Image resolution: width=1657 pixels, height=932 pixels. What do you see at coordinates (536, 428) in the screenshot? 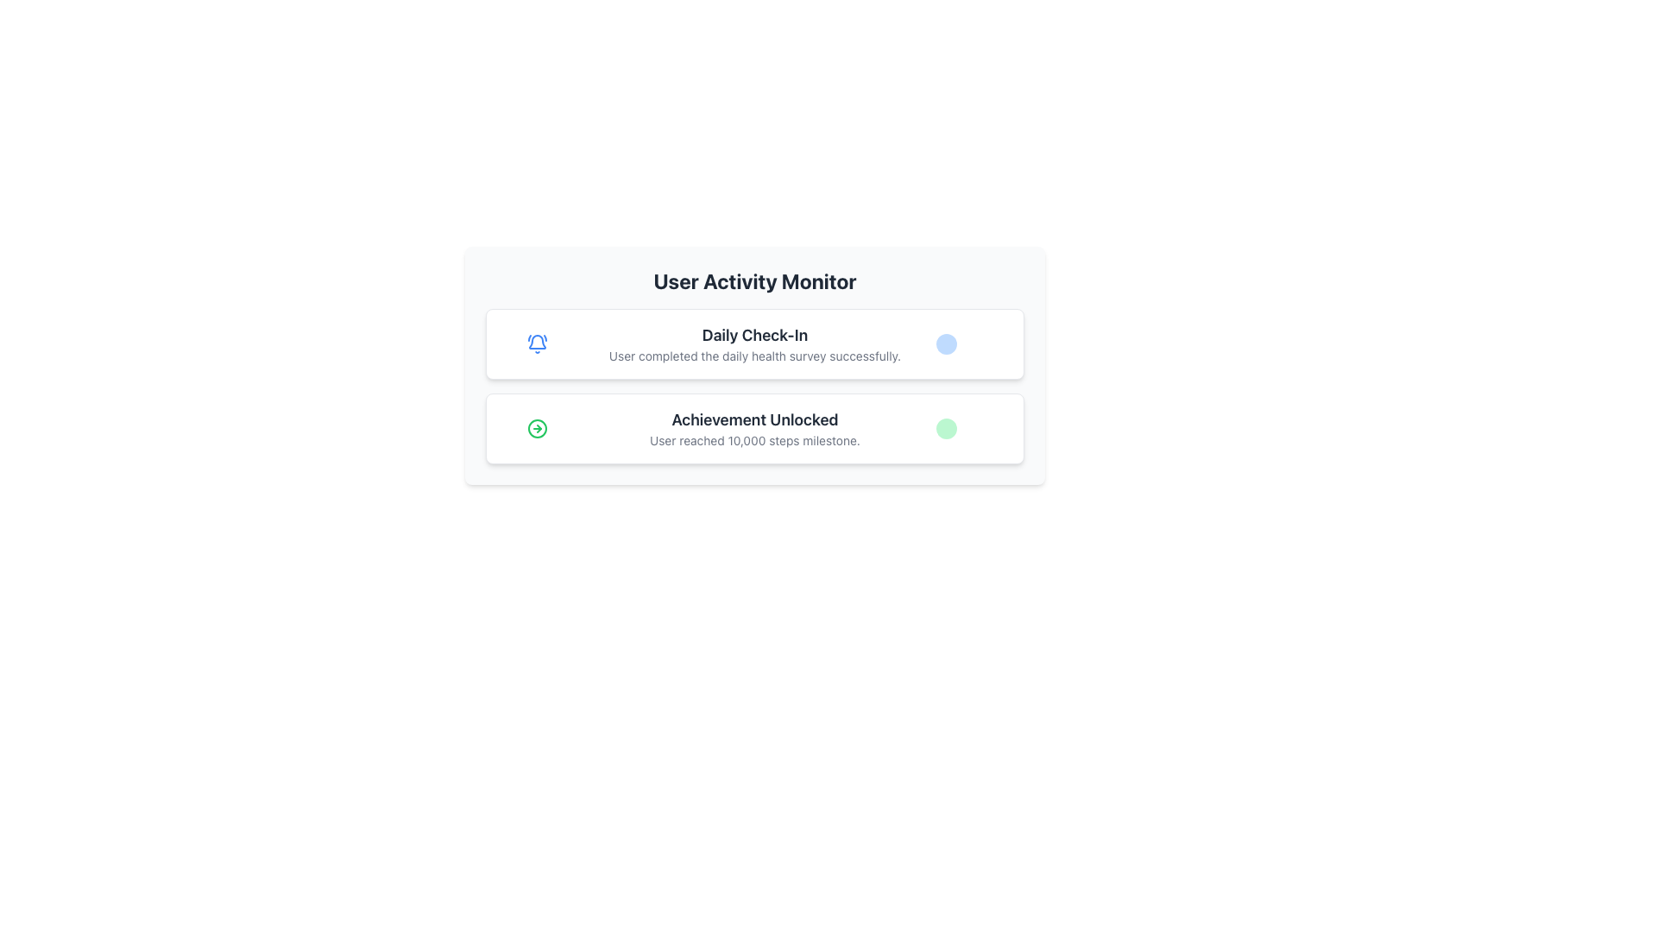
I see `the visual styling of the green circle icon with a right-pointing arrow, which is the second icon in the second card of the 'User Activity Monitor' section, next to the 'Achievement Unlocked' label` at bounding box center [536, 428].